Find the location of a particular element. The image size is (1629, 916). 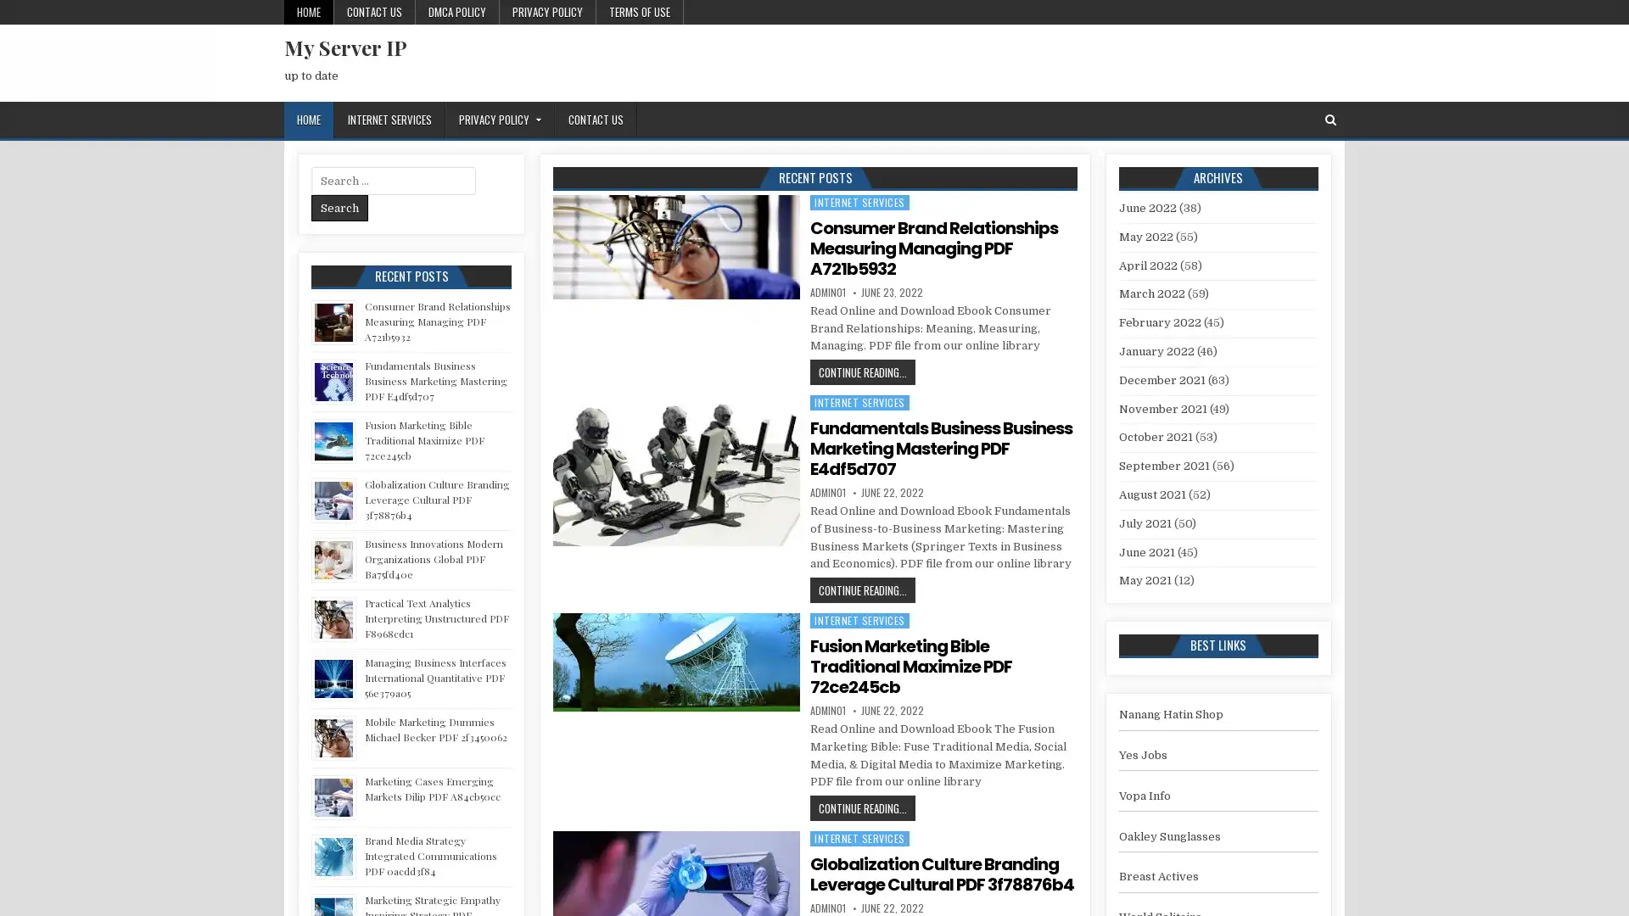

Search is located at coordinates (339, 207).